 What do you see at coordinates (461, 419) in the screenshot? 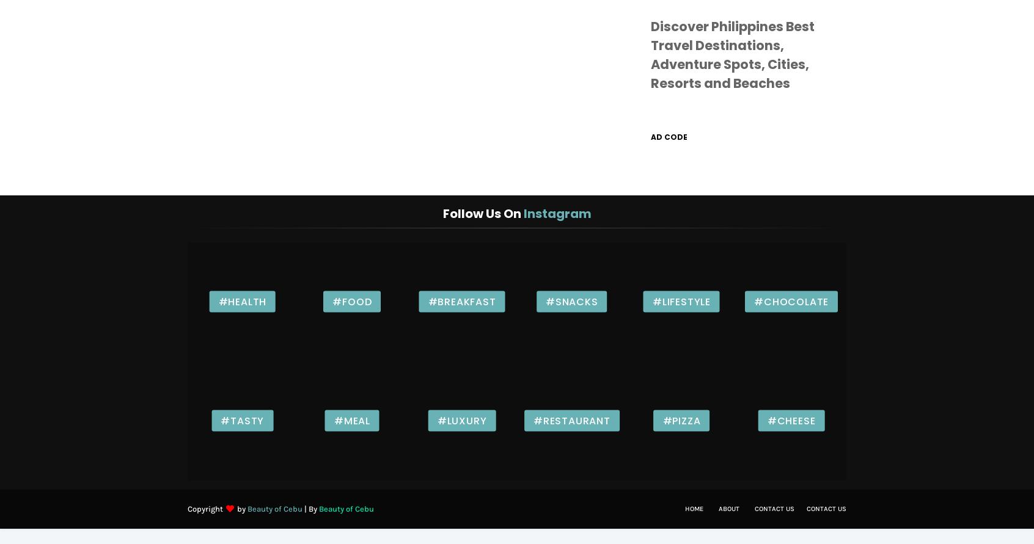
I see `'#Luxury'` at bounding box center [461, 419].